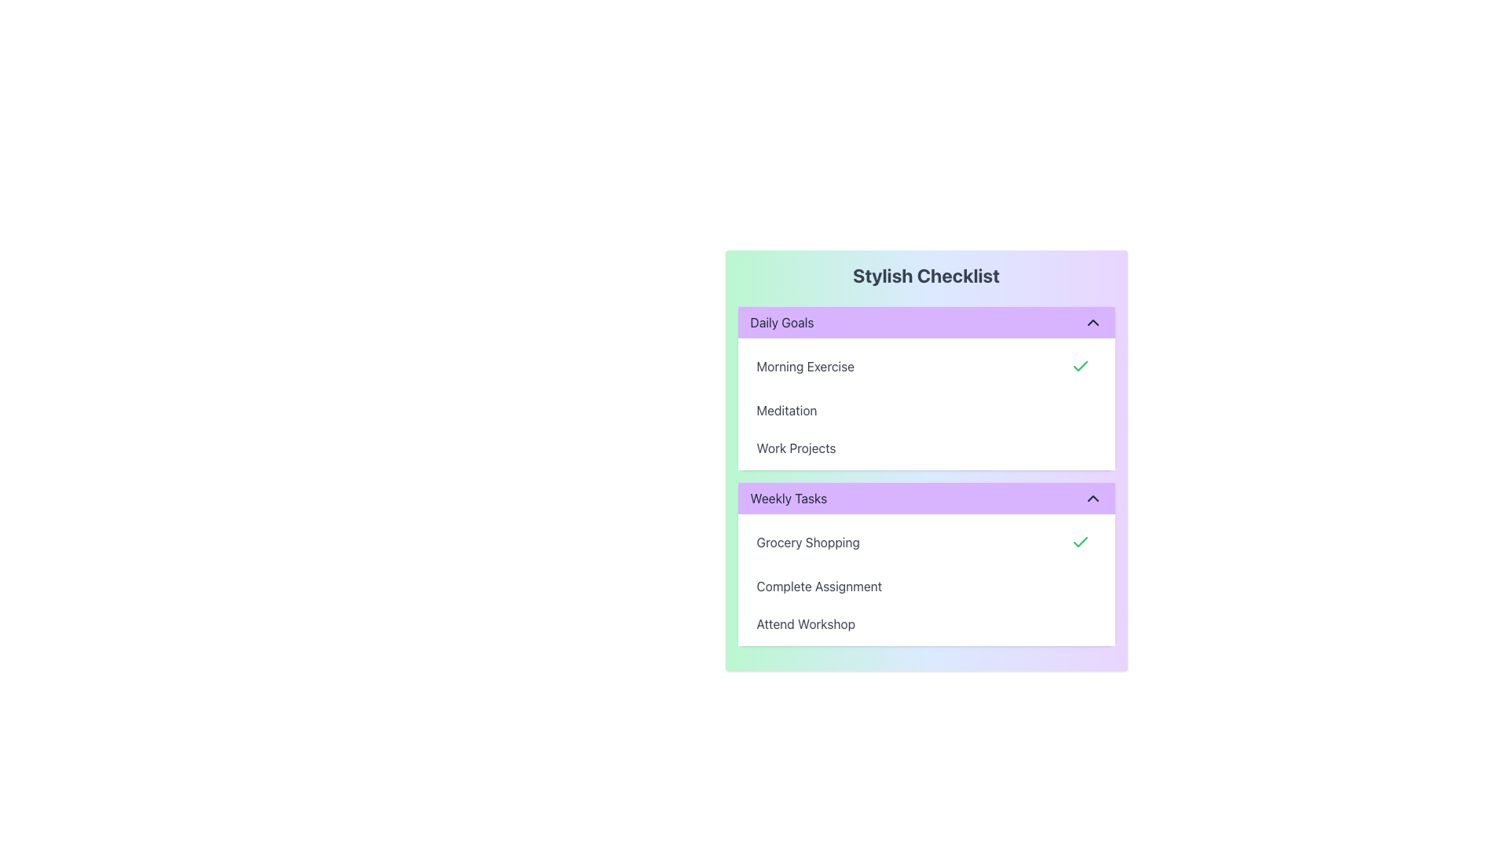  What do you see at coordinates (926, 410) in the screenshot?
I see `the second list item labeled 'Meditation' in the 'Daily Goals' section` at bounding box center [926, 410].